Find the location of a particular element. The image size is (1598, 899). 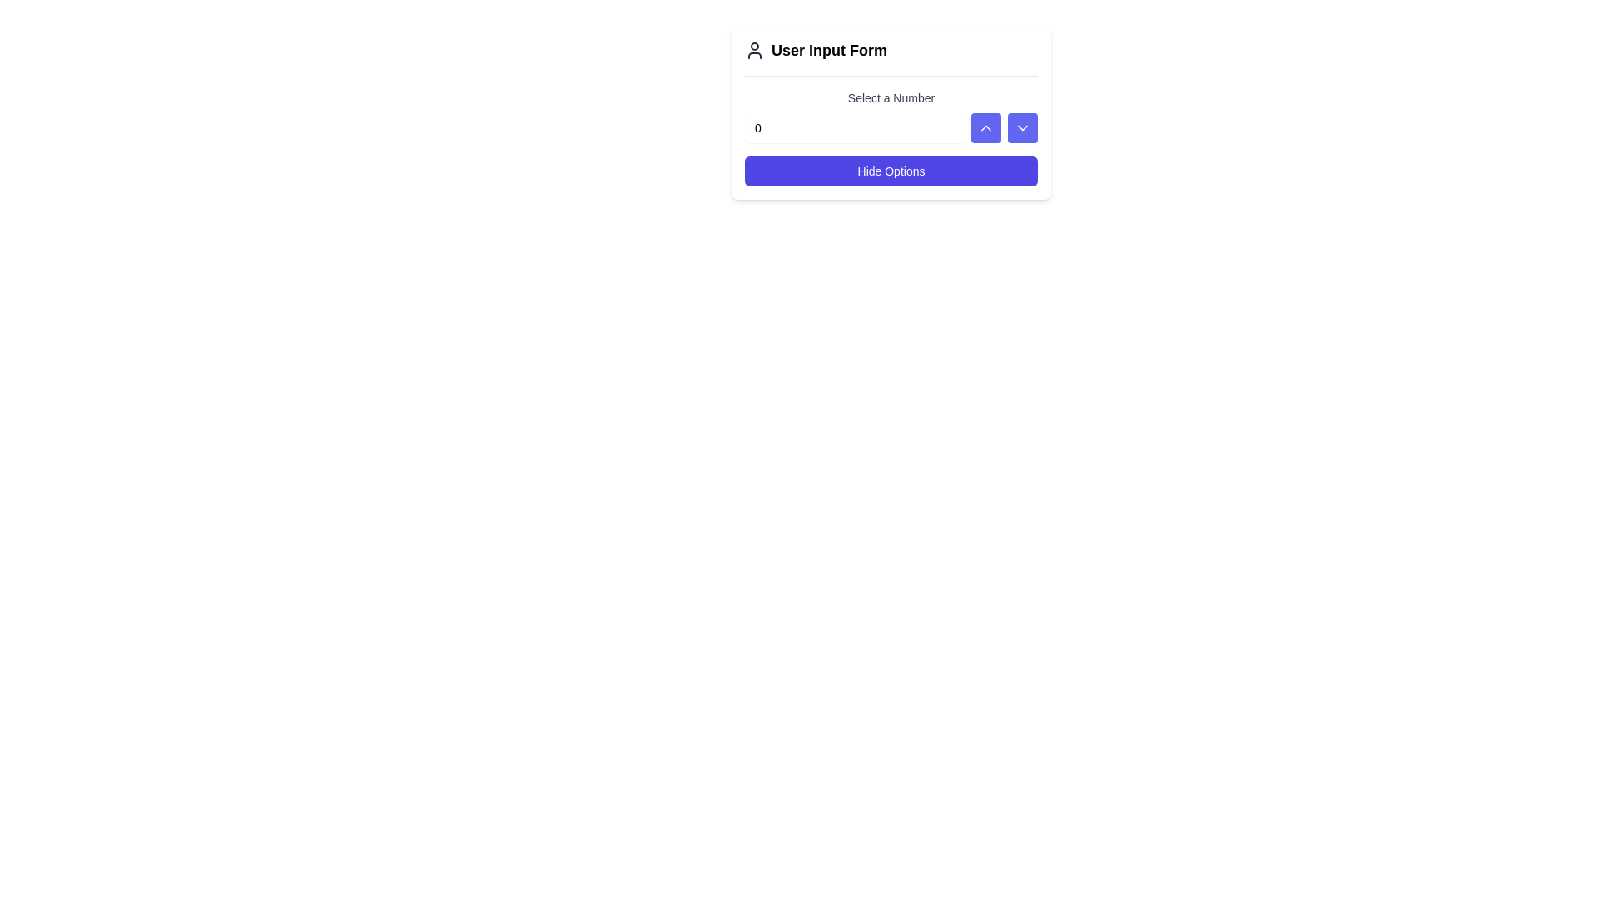

the blue square button with rounded corners that contains an upward-facing chevron icon to increment the associated value is located at coordinates (986, 127).